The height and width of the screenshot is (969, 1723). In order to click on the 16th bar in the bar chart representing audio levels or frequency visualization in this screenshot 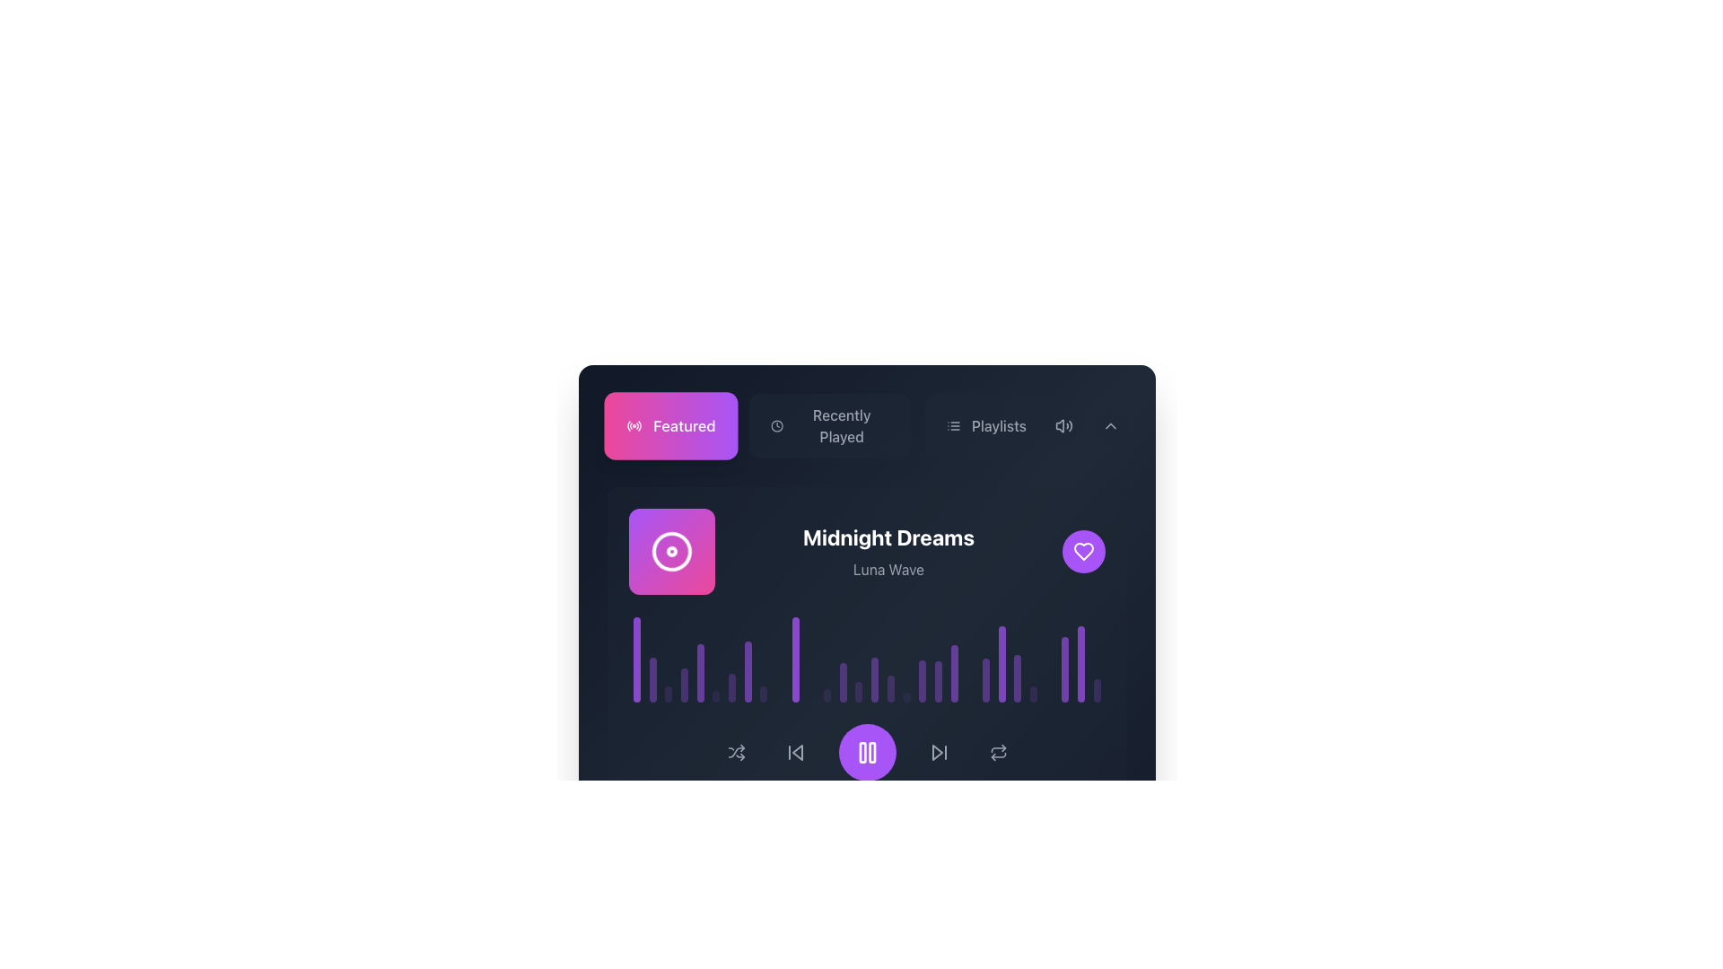, I will do `click(875, 680)`.